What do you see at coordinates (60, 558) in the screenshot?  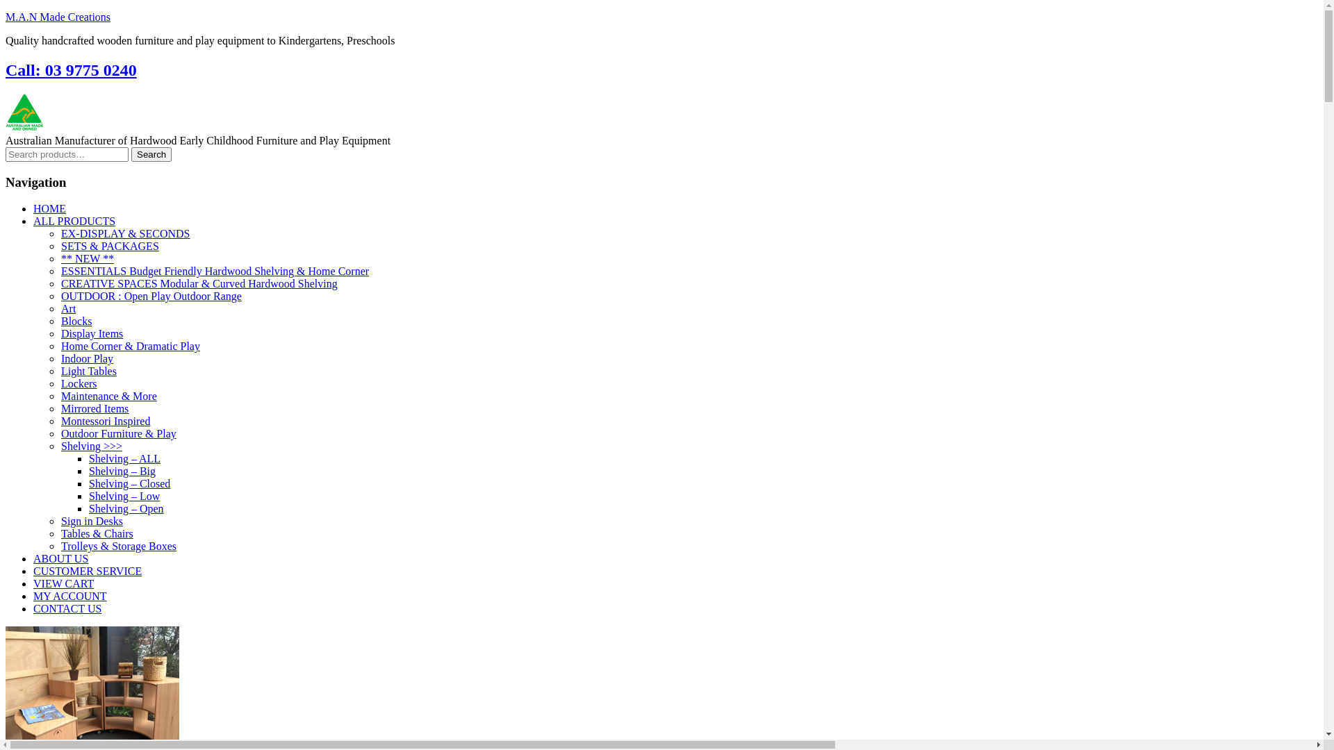 I see `'ABOUT US'` at bounding box center [60, 558].